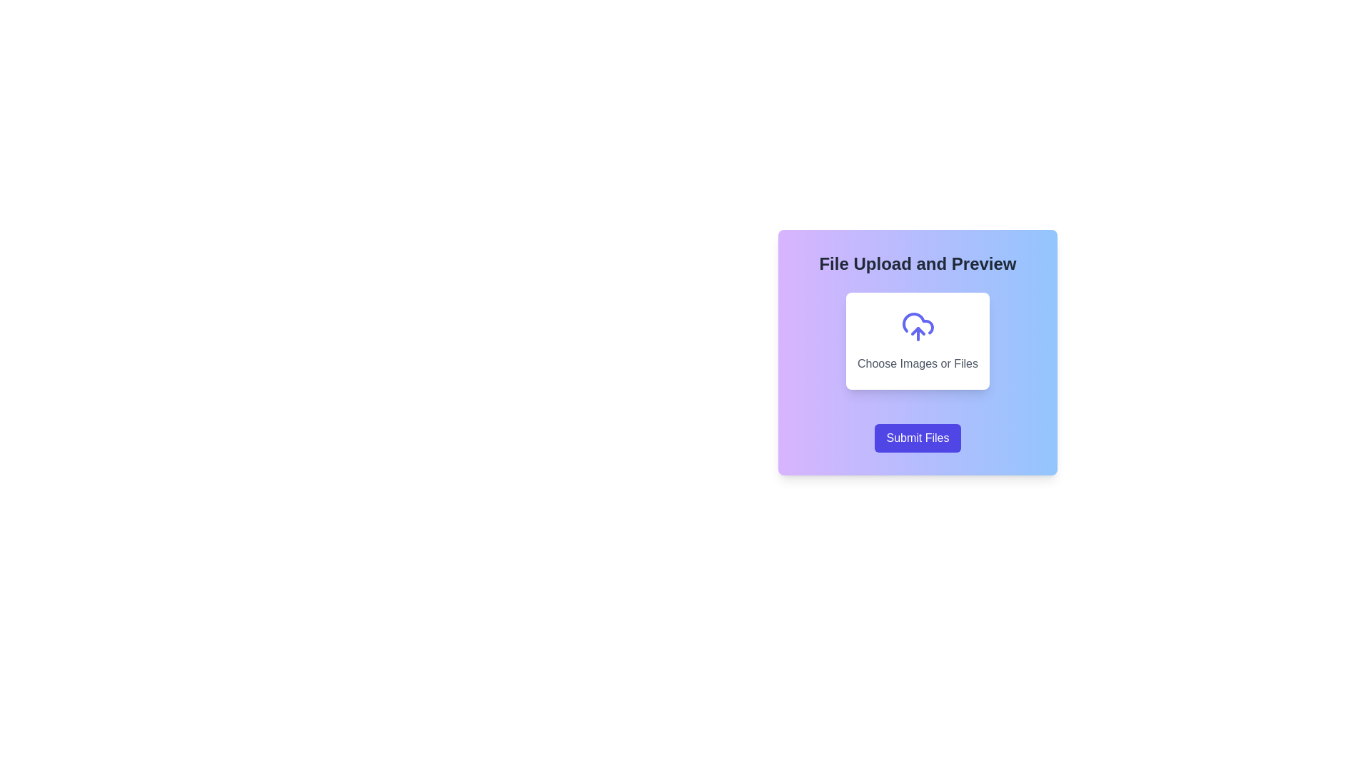 Image resolution: width=1371 pixels, height=771 pixels. What do you see at coordinates (918, 323) in the screenshot?
I see `the decorative graphical element within the SVG image that represents the bottom-left rounded portion of the cloud icon used for file upload functionality` at bounding box center [918, 323].